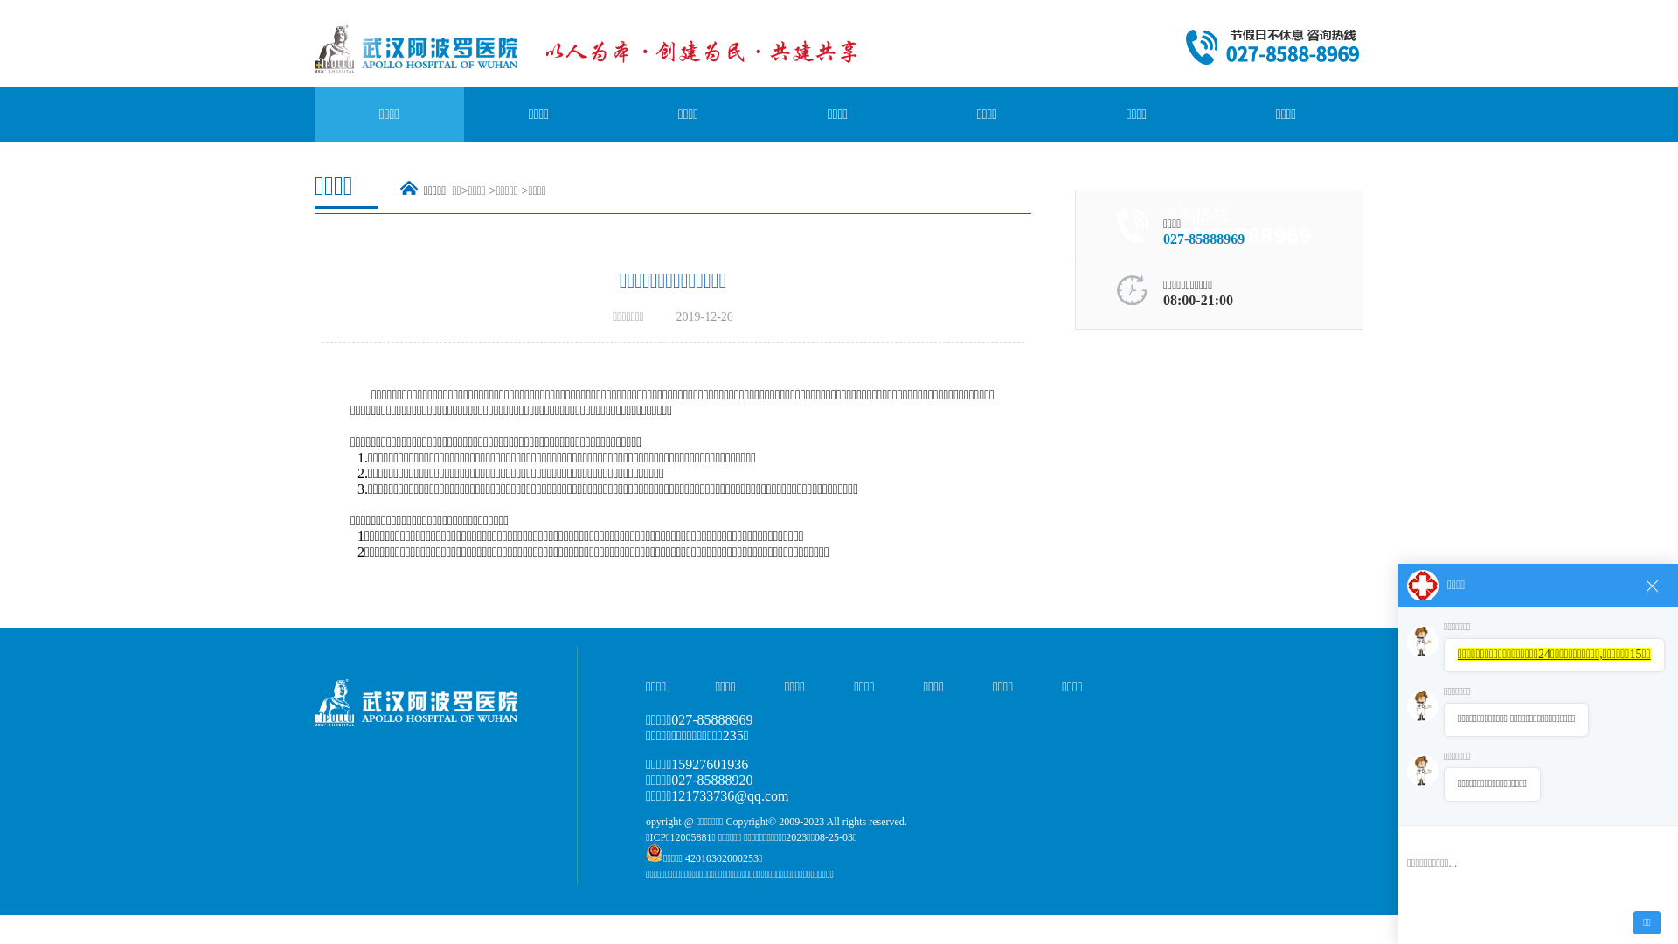  What do you see at coordinates (711, 779) in the screenshot?
I see `'027-85888920'` at bounding box center [711, 779].